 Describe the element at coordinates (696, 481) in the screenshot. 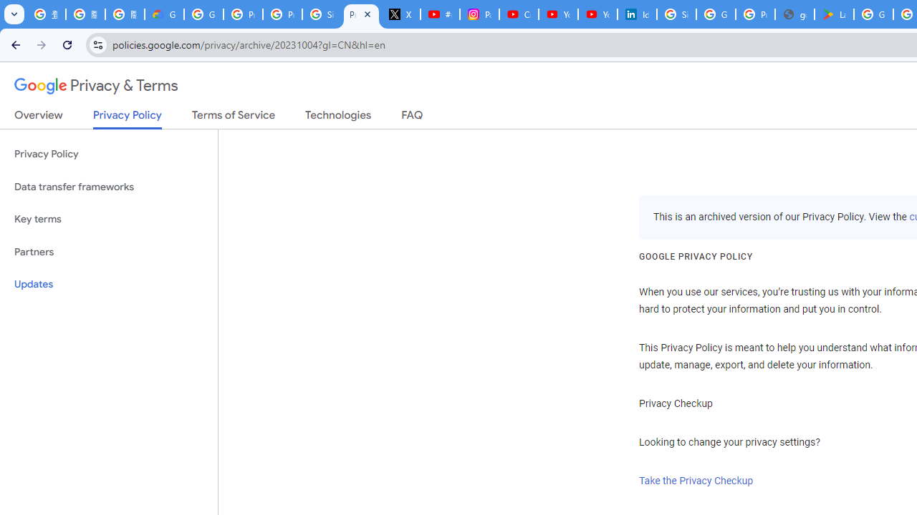

I see `'Take the Privacy Checkup'` at that location.